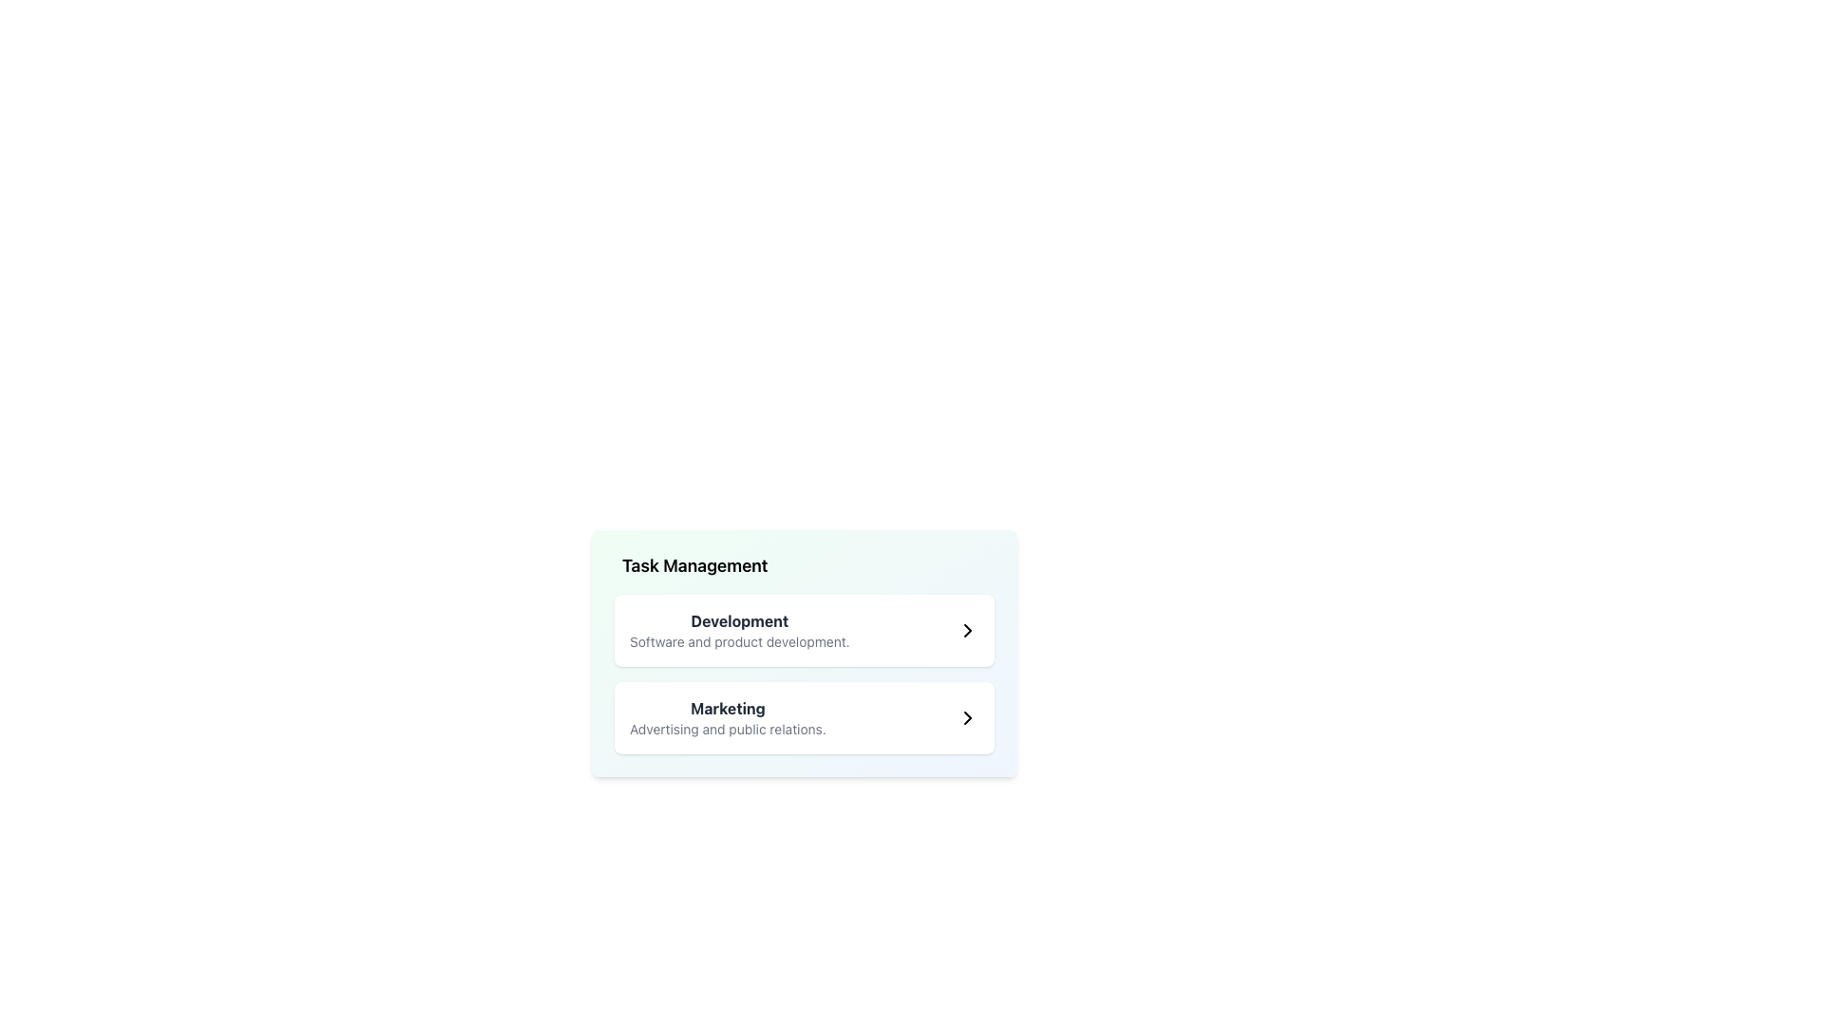 This screenshot has width=1824, height=1026. Describe the element at coordinates (804, 630) in the screenshot. I see `the first selectable list item that provides information about software and product development` at that location.